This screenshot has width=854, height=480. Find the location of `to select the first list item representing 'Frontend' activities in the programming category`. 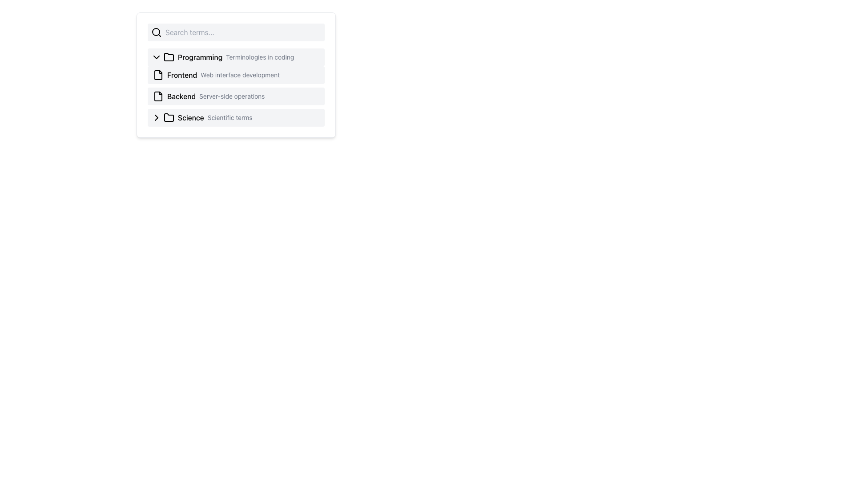

to select the first list item representing 'Frontend' activities in the programming category is located at coordinates (236, 75).